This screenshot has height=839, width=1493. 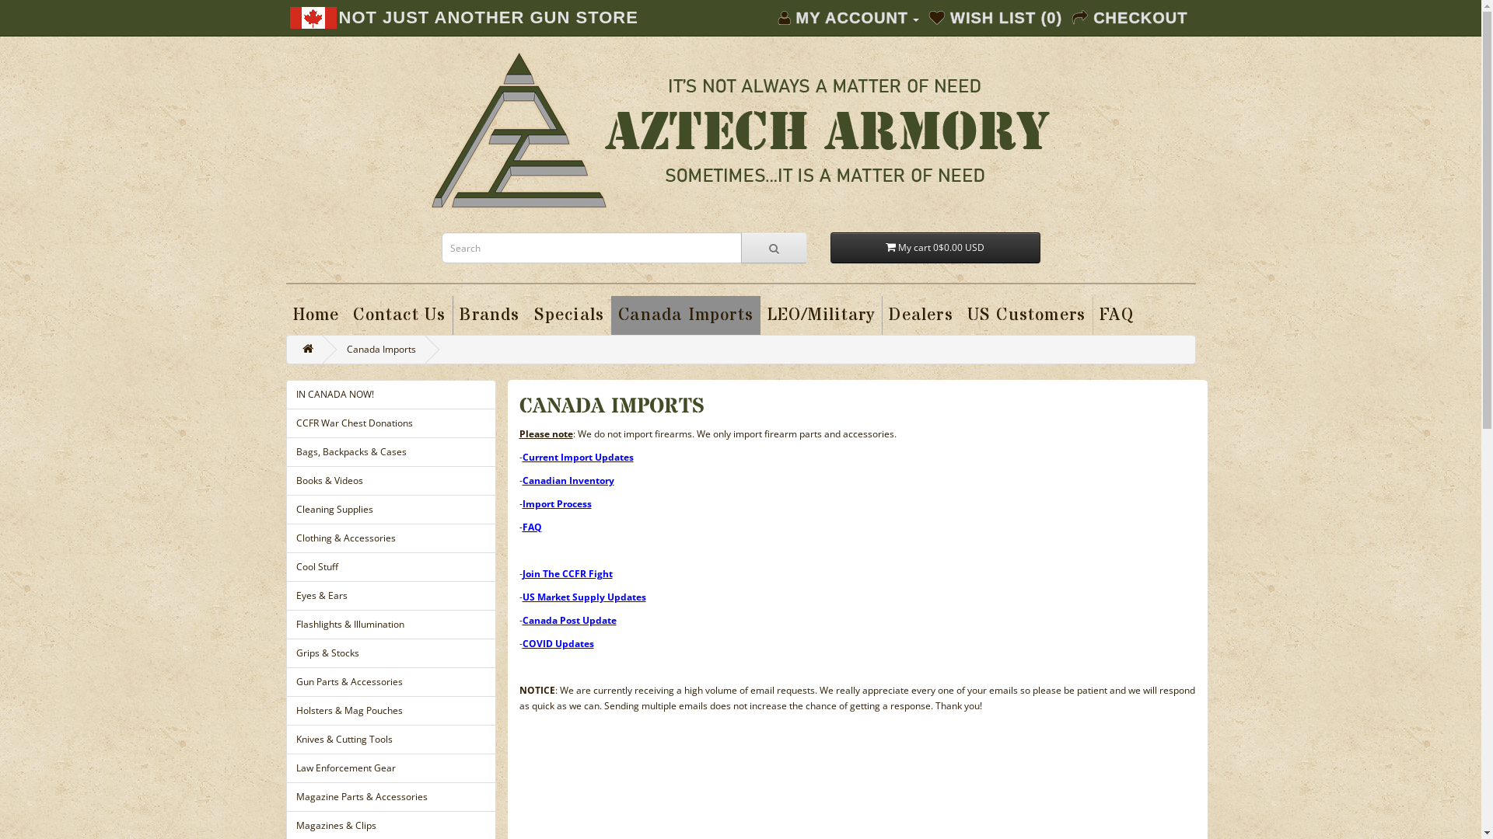 What do you see at coordinates (391, 739) in the screenshot?
I see `'Knives & Cutting Tools'` at bounding box center [391, 739].